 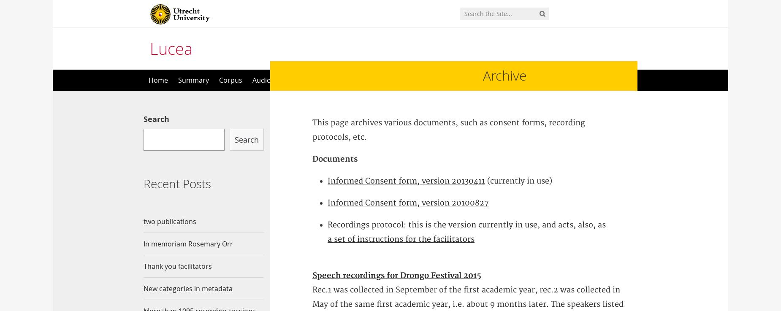 What do you see at coordinates (448, 130) in the screenshot?
I see `'This page archives various documents, such as consent forms, recording protocols, etc.'` at bounding box center [448, 130].